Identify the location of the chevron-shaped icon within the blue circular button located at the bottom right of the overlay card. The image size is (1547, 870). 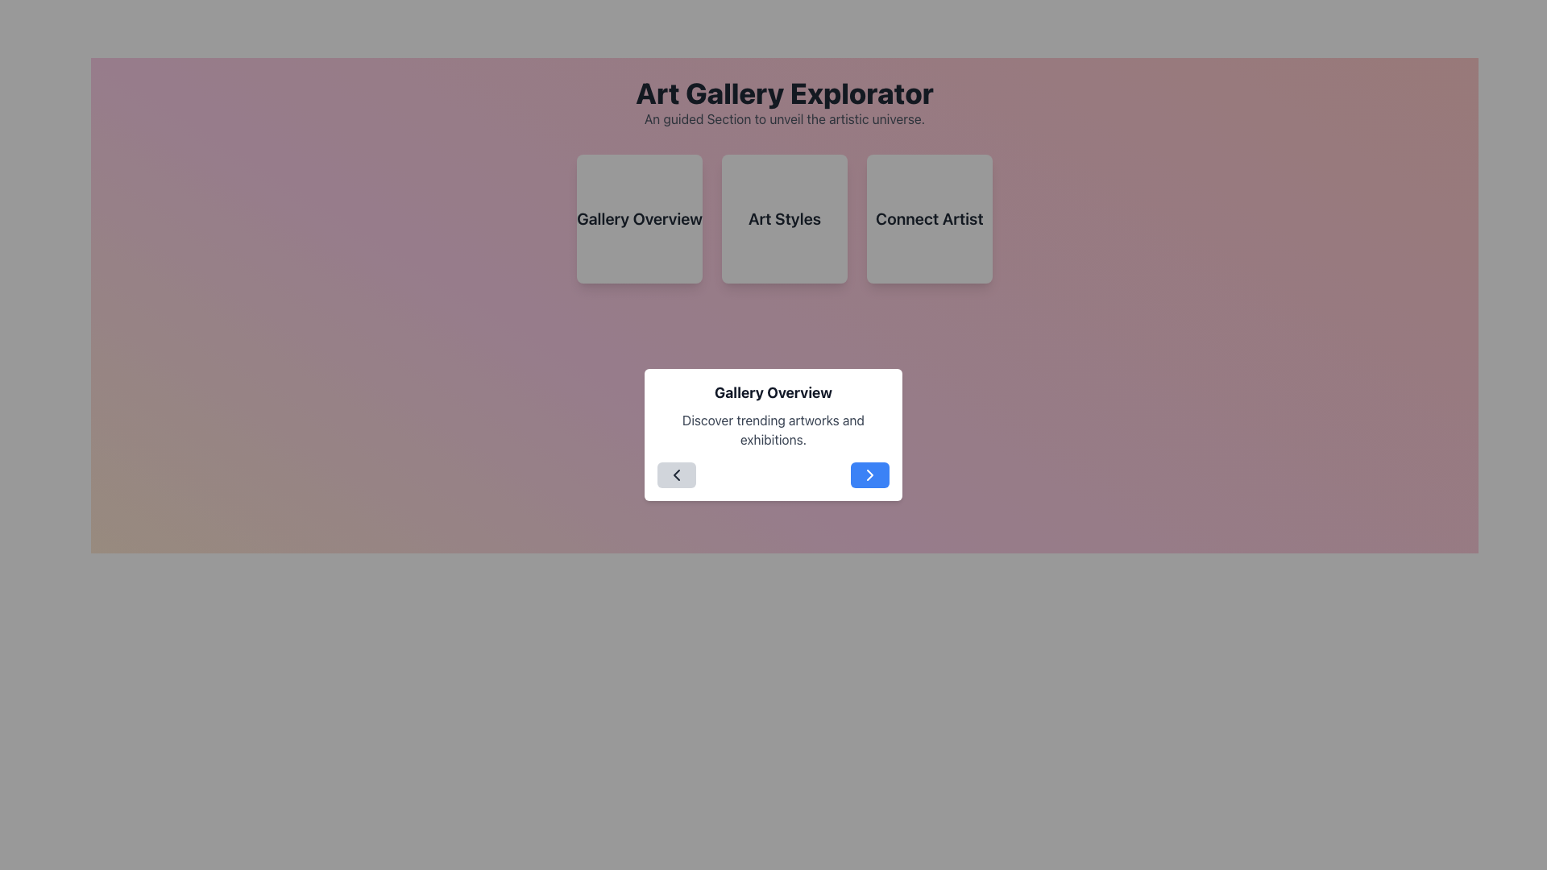
(869, 474).